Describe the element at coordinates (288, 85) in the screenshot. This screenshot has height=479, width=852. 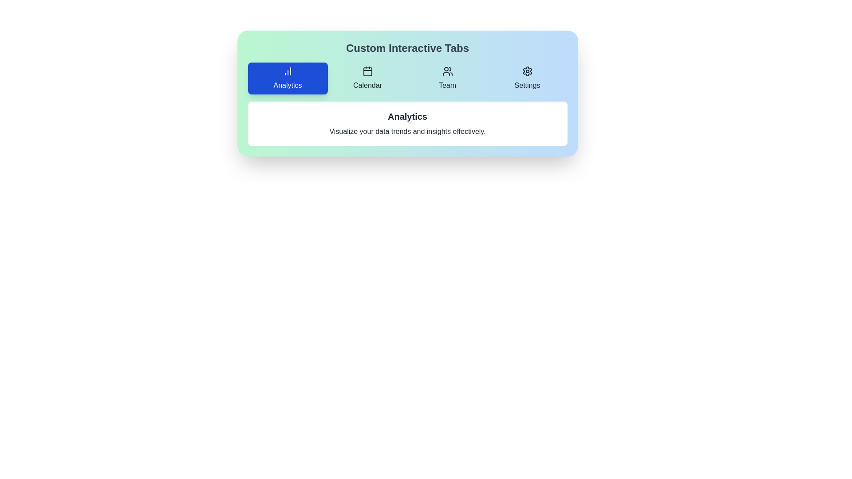
I see `the Label for the Tab Button that indicates it leads to the analytics section, which is located on the leftmost side of the horizontal list of tab options` at that location.